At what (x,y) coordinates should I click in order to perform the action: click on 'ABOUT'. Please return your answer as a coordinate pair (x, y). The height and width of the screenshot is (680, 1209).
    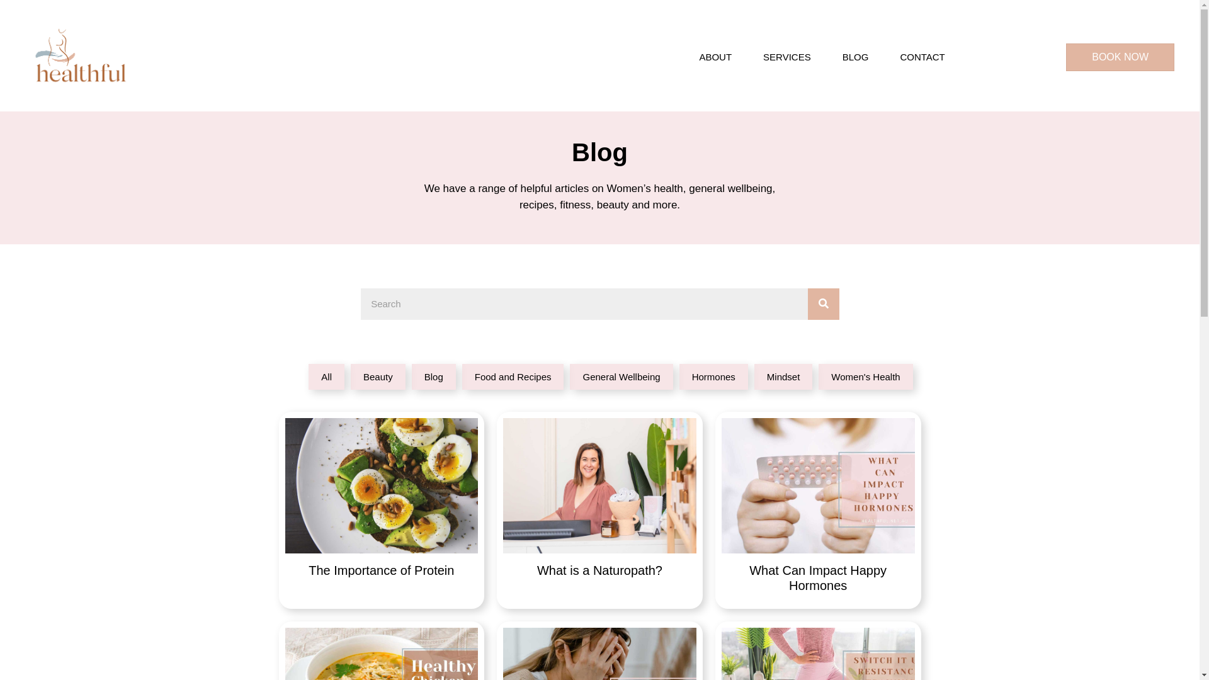
    Looking at the image, I should click on (685, 57).